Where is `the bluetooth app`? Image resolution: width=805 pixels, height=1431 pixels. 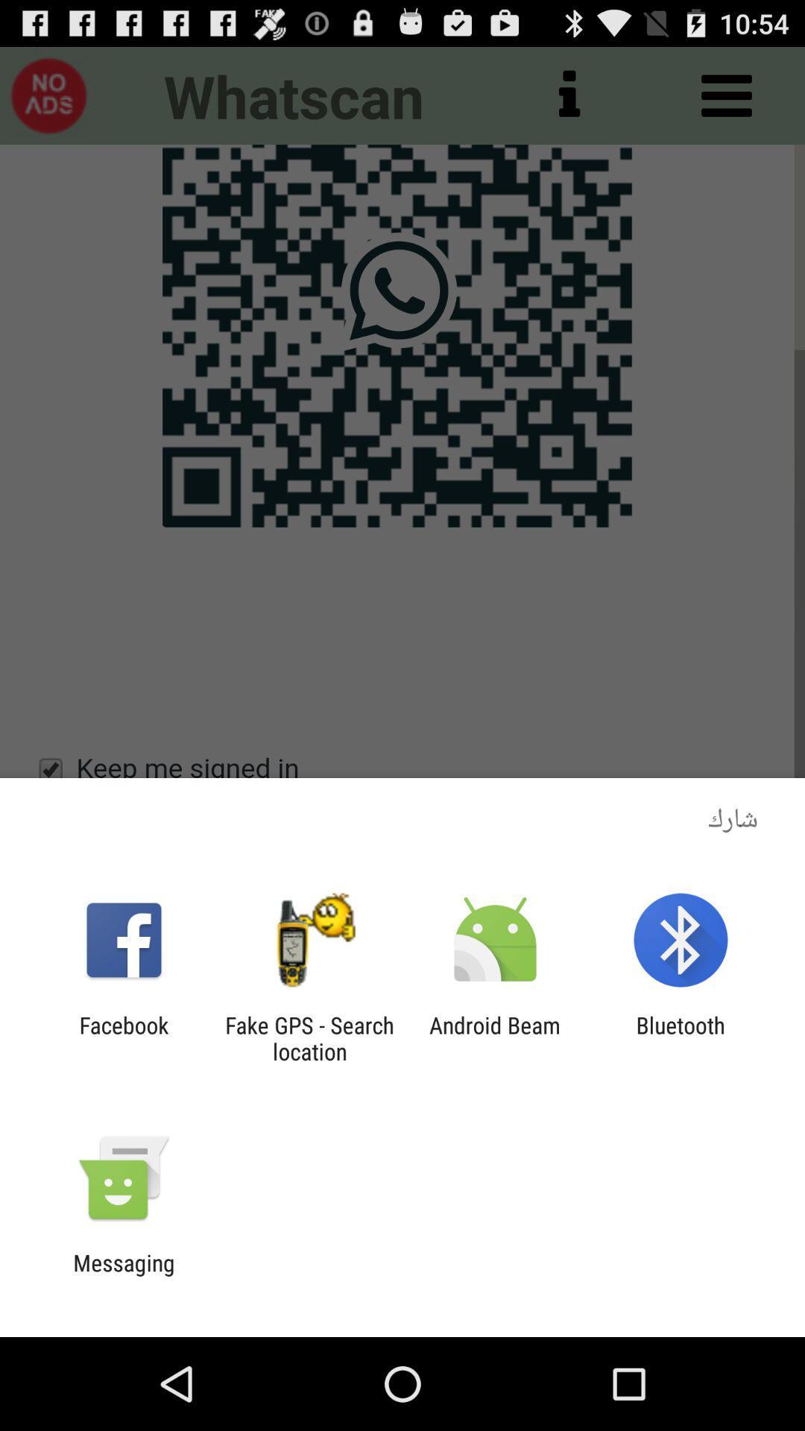 the bluetooth app is located at coordinates (681, 1037).